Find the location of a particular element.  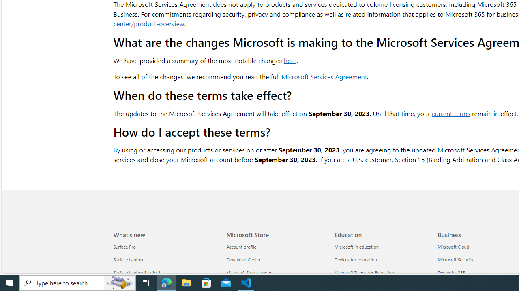

'Microsoft Cloud Business' is located at coordinates (453, 247).